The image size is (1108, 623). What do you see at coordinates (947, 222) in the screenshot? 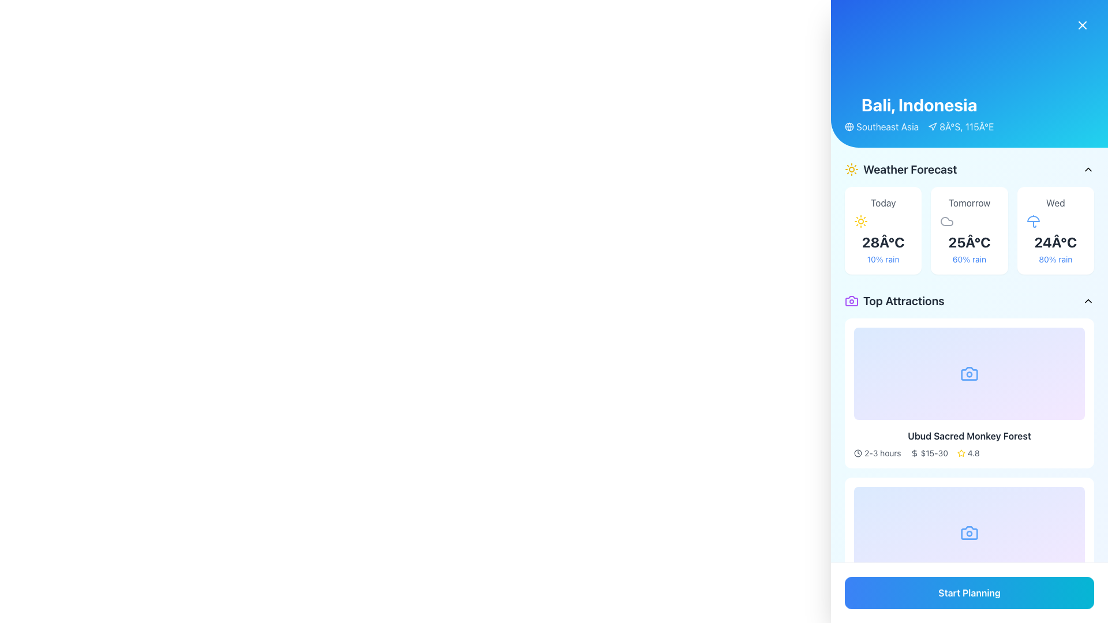
I see `the minimalistic cloud icon located in the 'Tomorrow' card under the 'Weather Forecast' section` at bounding box center [947, 222].